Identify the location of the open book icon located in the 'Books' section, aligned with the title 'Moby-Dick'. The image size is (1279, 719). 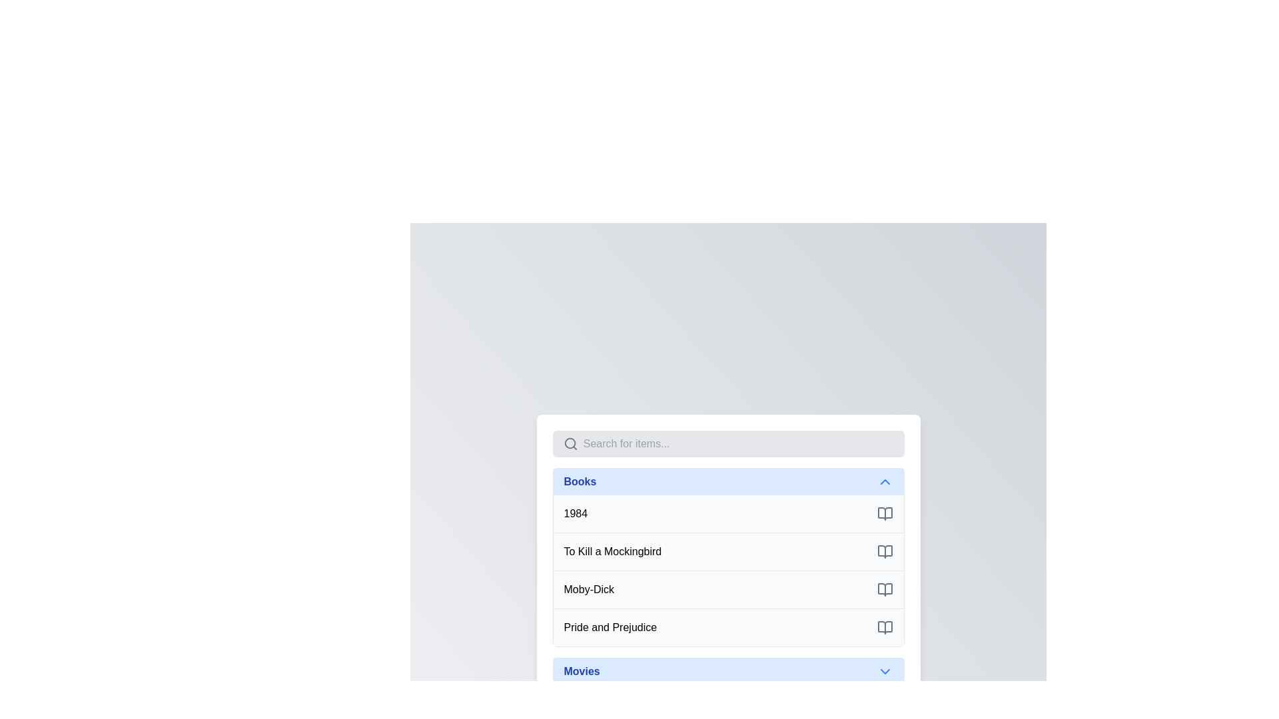
(885, 589).